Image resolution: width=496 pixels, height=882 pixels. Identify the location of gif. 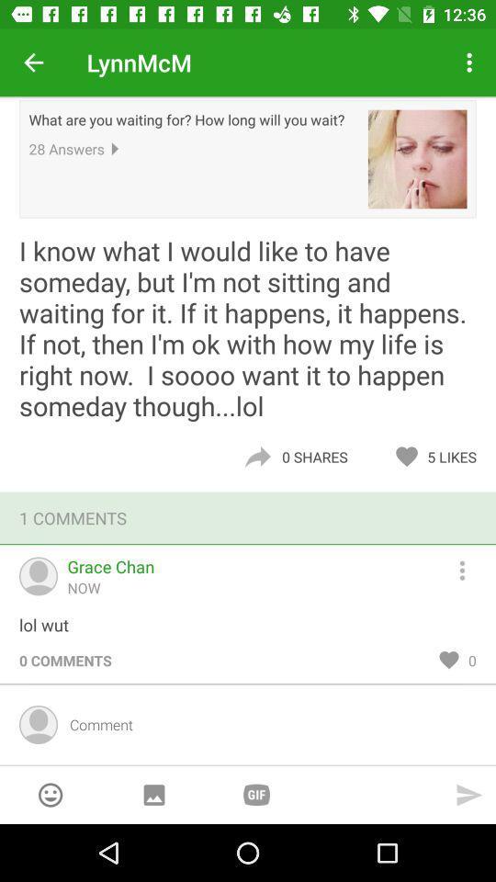
(255, 794).